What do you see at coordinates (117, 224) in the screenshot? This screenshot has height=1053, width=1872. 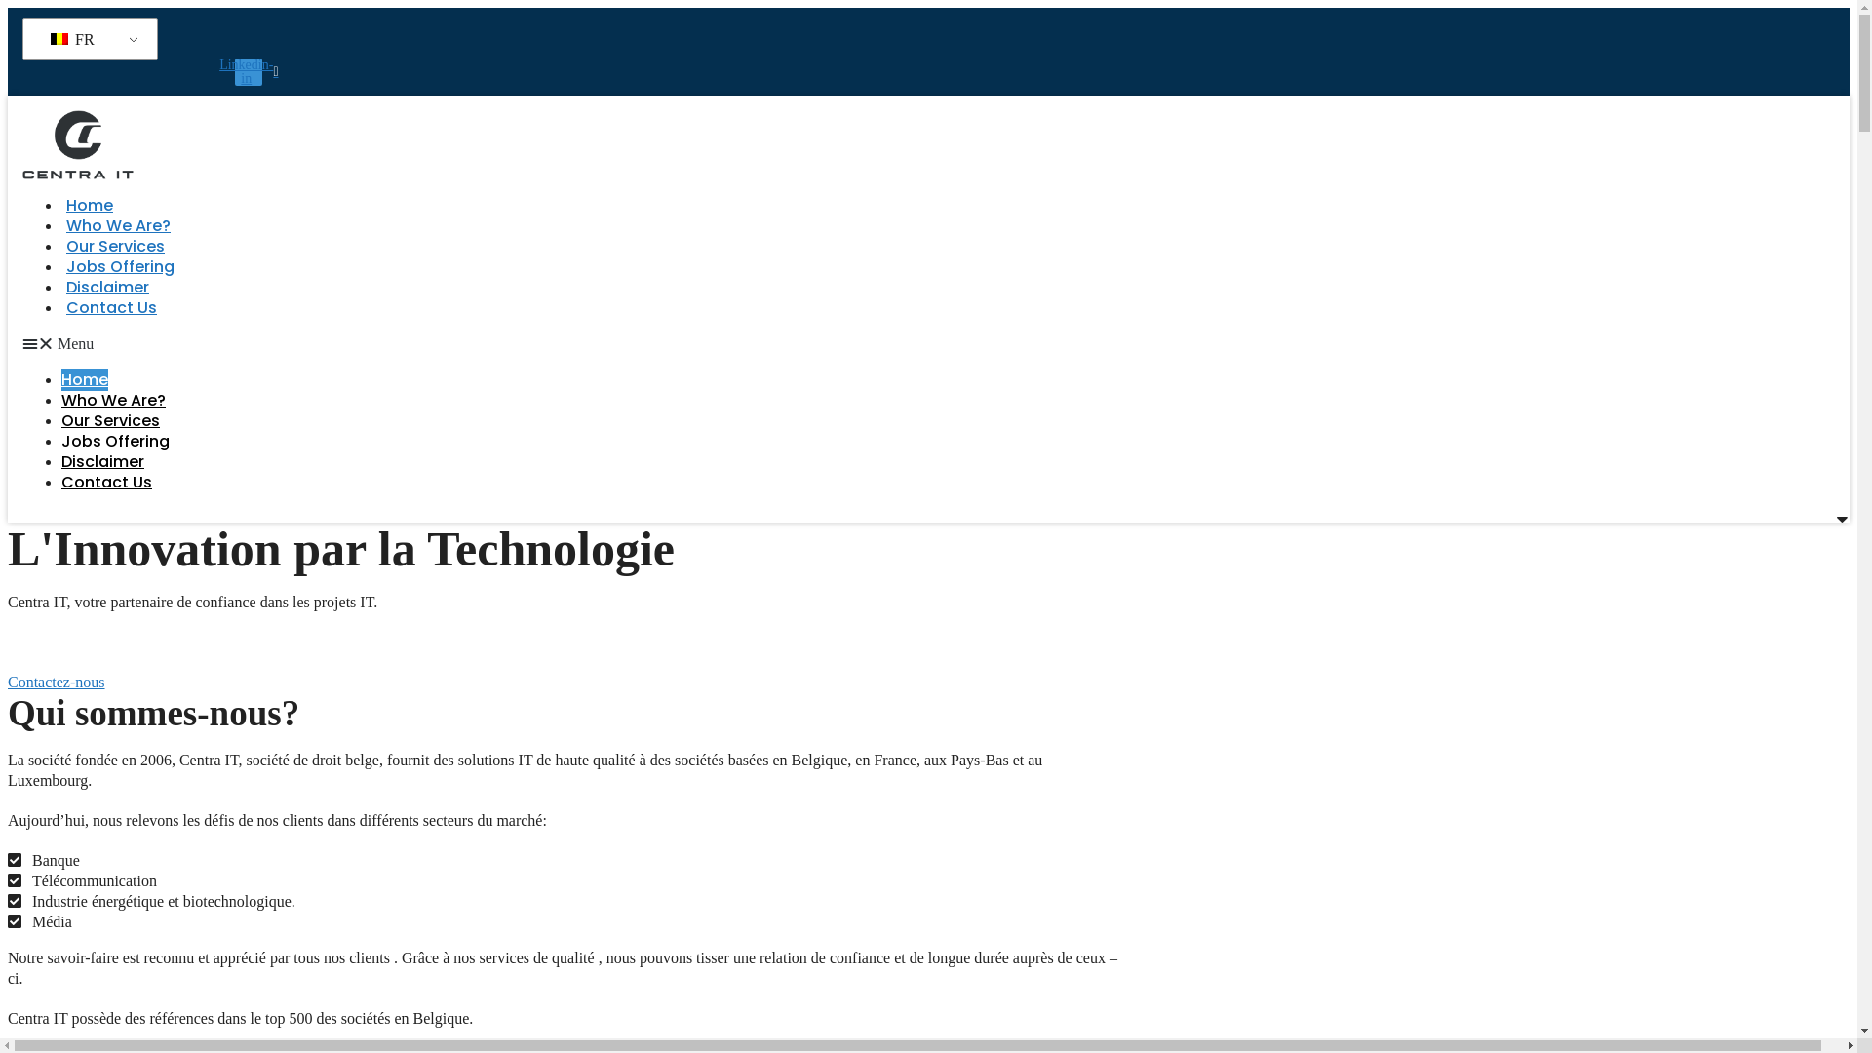 I see `'Who We Are?'` at bounding box center [117, 224].